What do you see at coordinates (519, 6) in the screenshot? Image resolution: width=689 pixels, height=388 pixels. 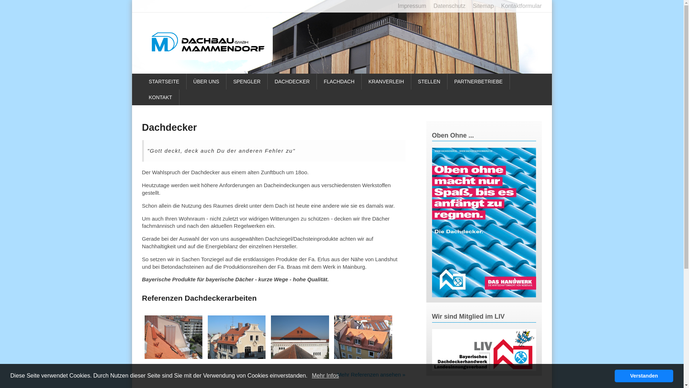 I see `'Kontaktformular'` at bounding box center [519, 6].